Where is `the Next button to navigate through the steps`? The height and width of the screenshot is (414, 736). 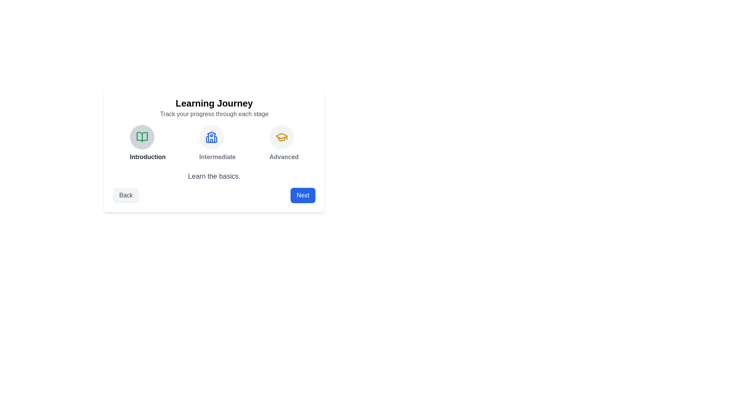
the Next button to navigate through the steps is located at coordinates (302, 195).